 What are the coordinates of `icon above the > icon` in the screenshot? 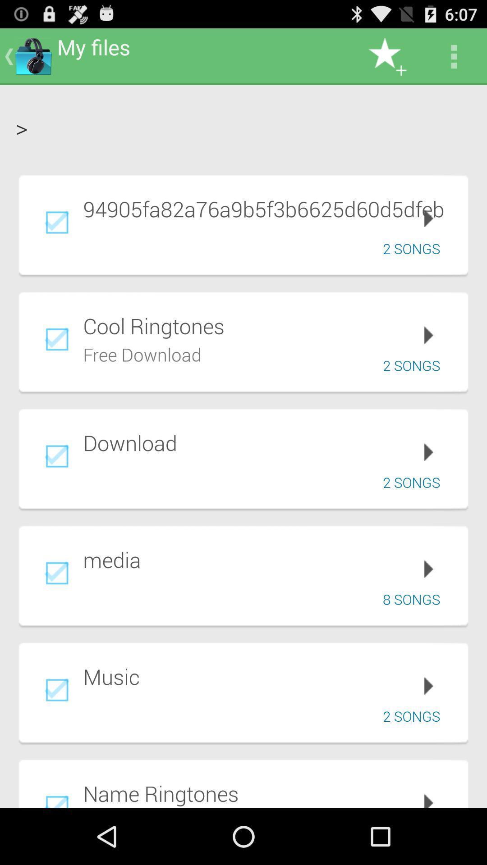 It's located at (454, 56).